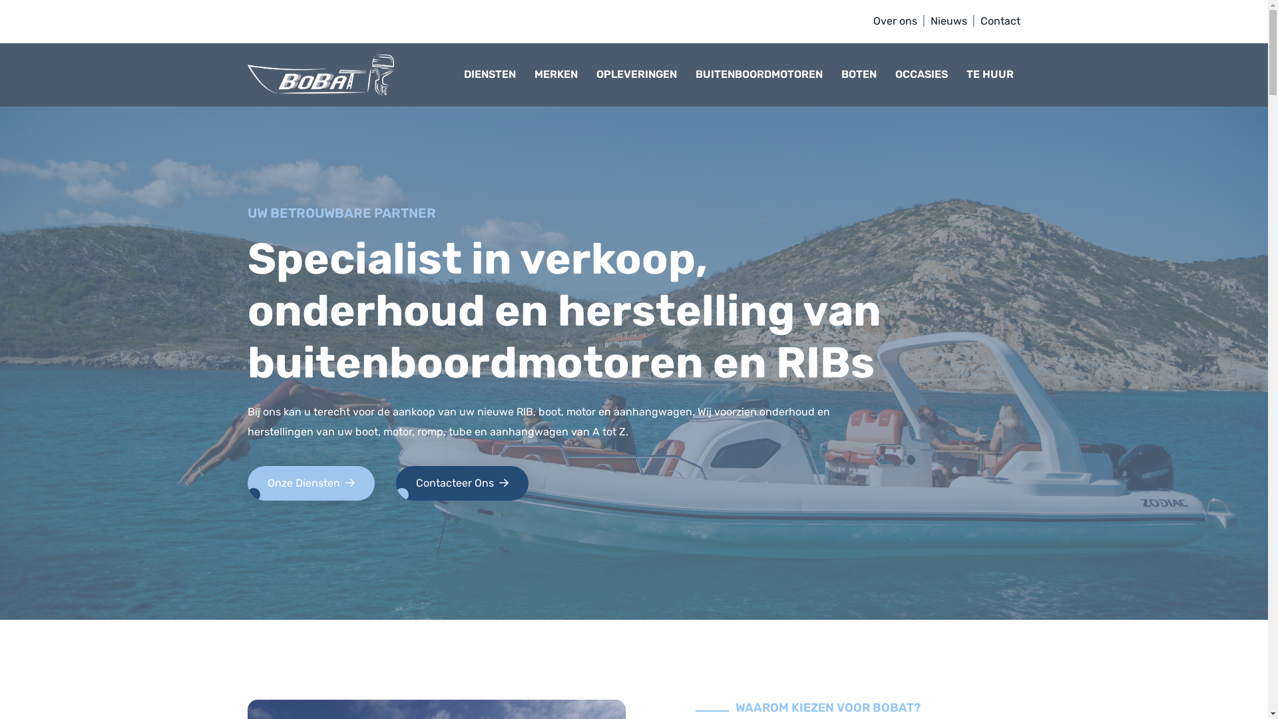  What do you see at coordinates (862, 75) in the screenshot?
I see `'BOTEN'` at bounding box center [862, 75].